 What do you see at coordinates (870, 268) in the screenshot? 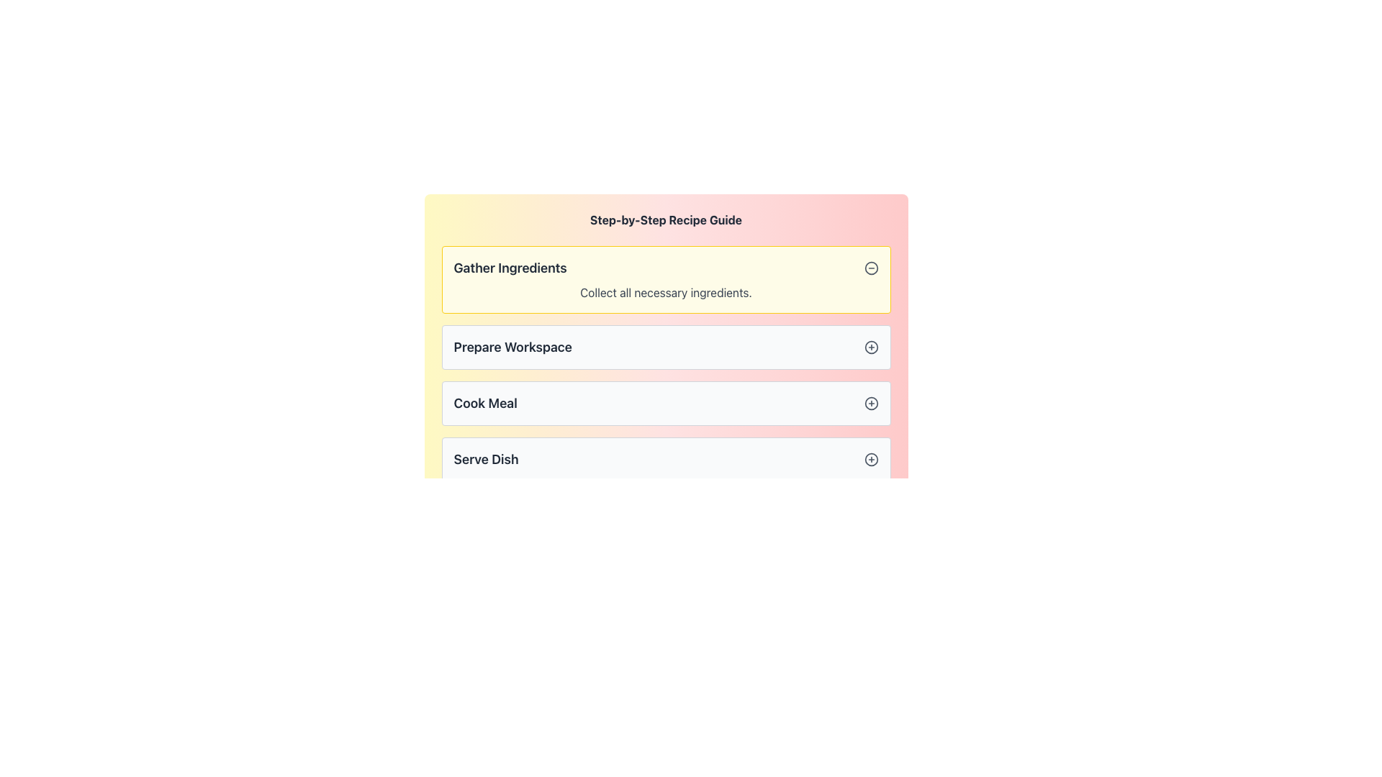
I see `the circular visual shape indicating the 'minus' or 'remove' icon located at the top right corner of the 'Gather Ingredients' card` at bounding box center [870, 268].